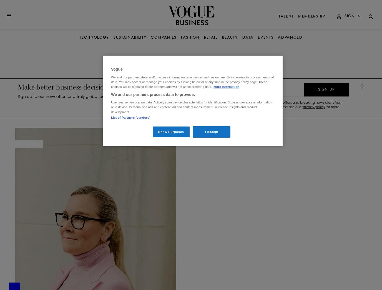  I want to click on 'To revisit this article, select My Account, then', so click(321, 33).